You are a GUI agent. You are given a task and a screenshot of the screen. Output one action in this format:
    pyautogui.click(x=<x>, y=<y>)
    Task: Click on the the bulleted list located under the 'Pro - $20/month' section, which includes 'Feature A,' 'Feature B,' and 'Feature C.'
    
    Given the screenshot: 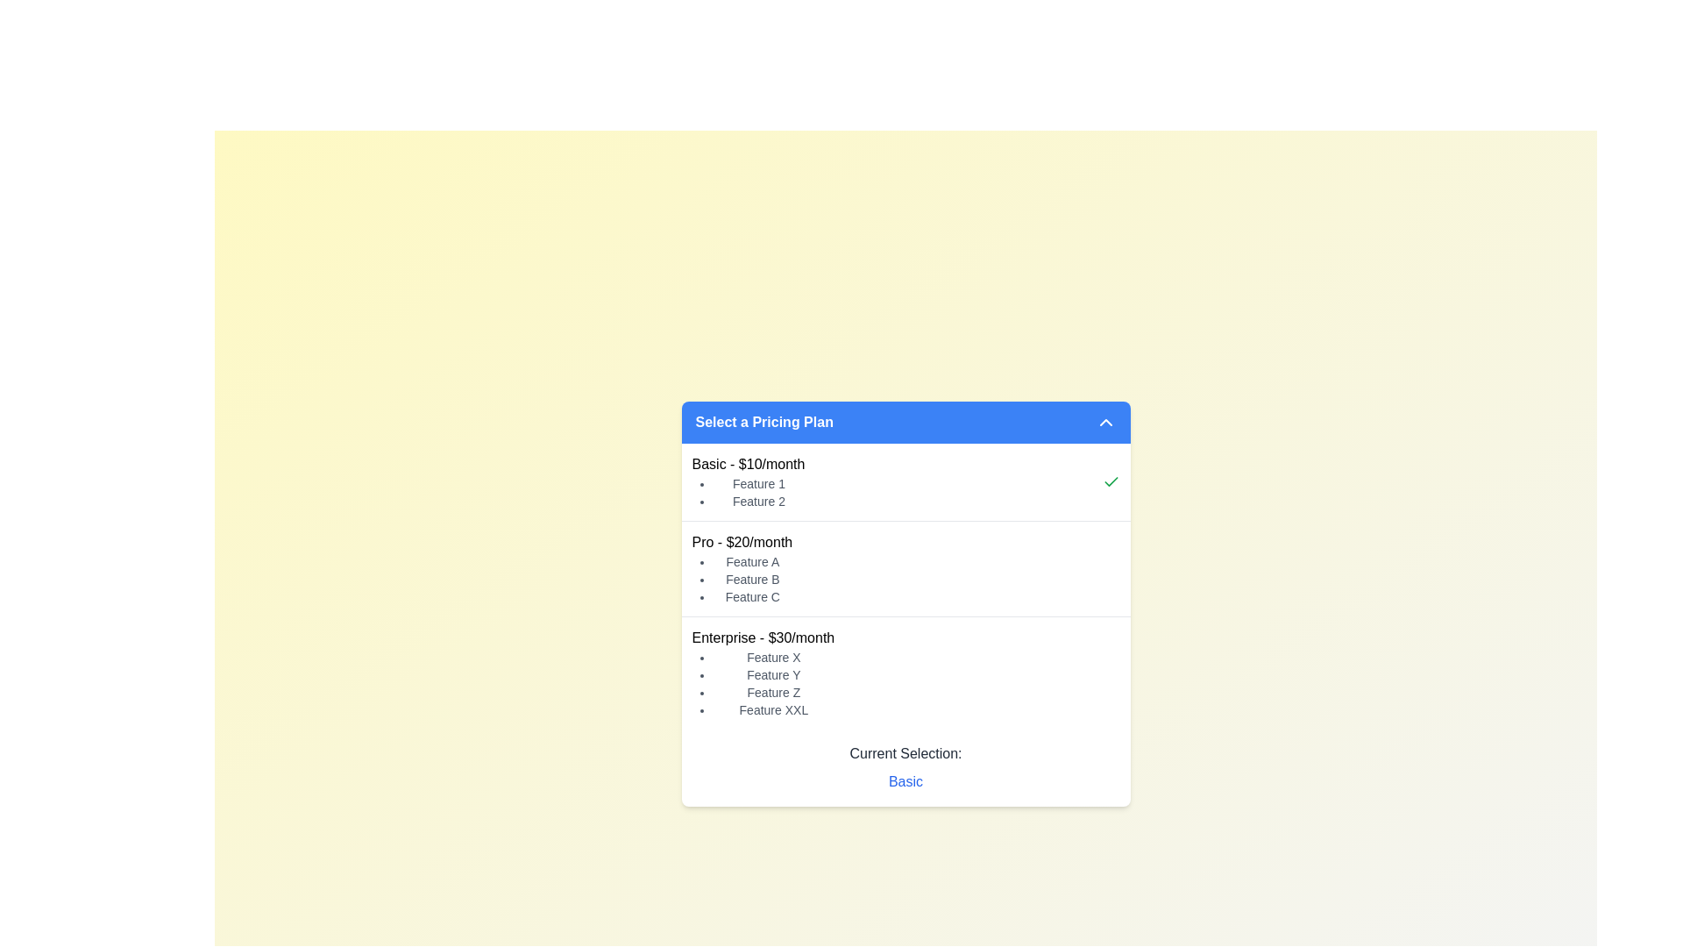 What is the action you would take?
    pyautogui.click(x=742, y=579)
    